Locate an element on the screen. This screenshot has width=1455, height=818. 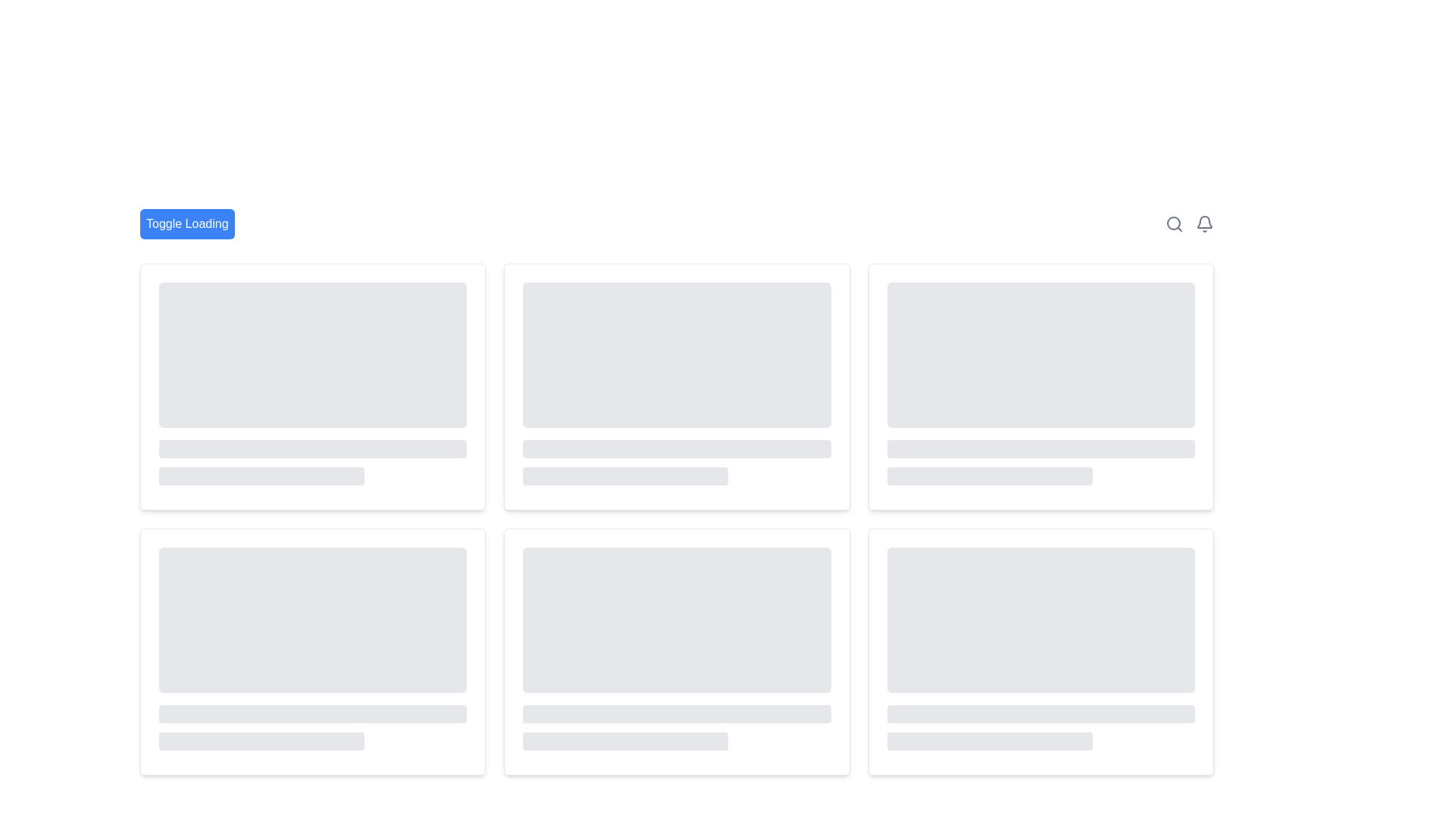
the loading placeholder composite component located in the upper-left corner of a grid layout once the content is loaded is located at coordinates (311, 382).